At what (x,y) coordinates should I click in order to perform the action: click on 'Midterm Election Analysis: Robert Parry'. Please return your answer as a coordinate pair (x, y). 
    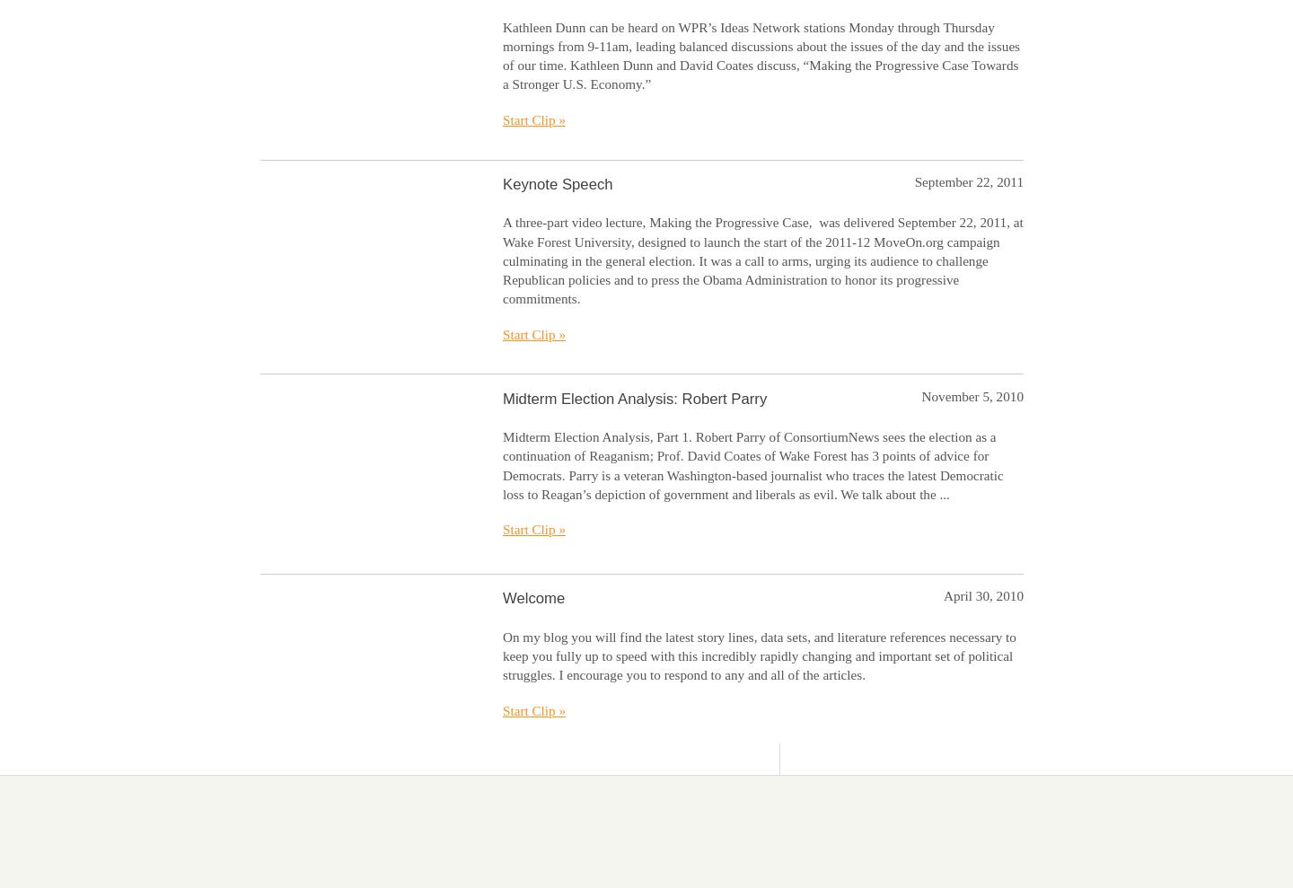
    Looking at the image, I should click on (635, 397).